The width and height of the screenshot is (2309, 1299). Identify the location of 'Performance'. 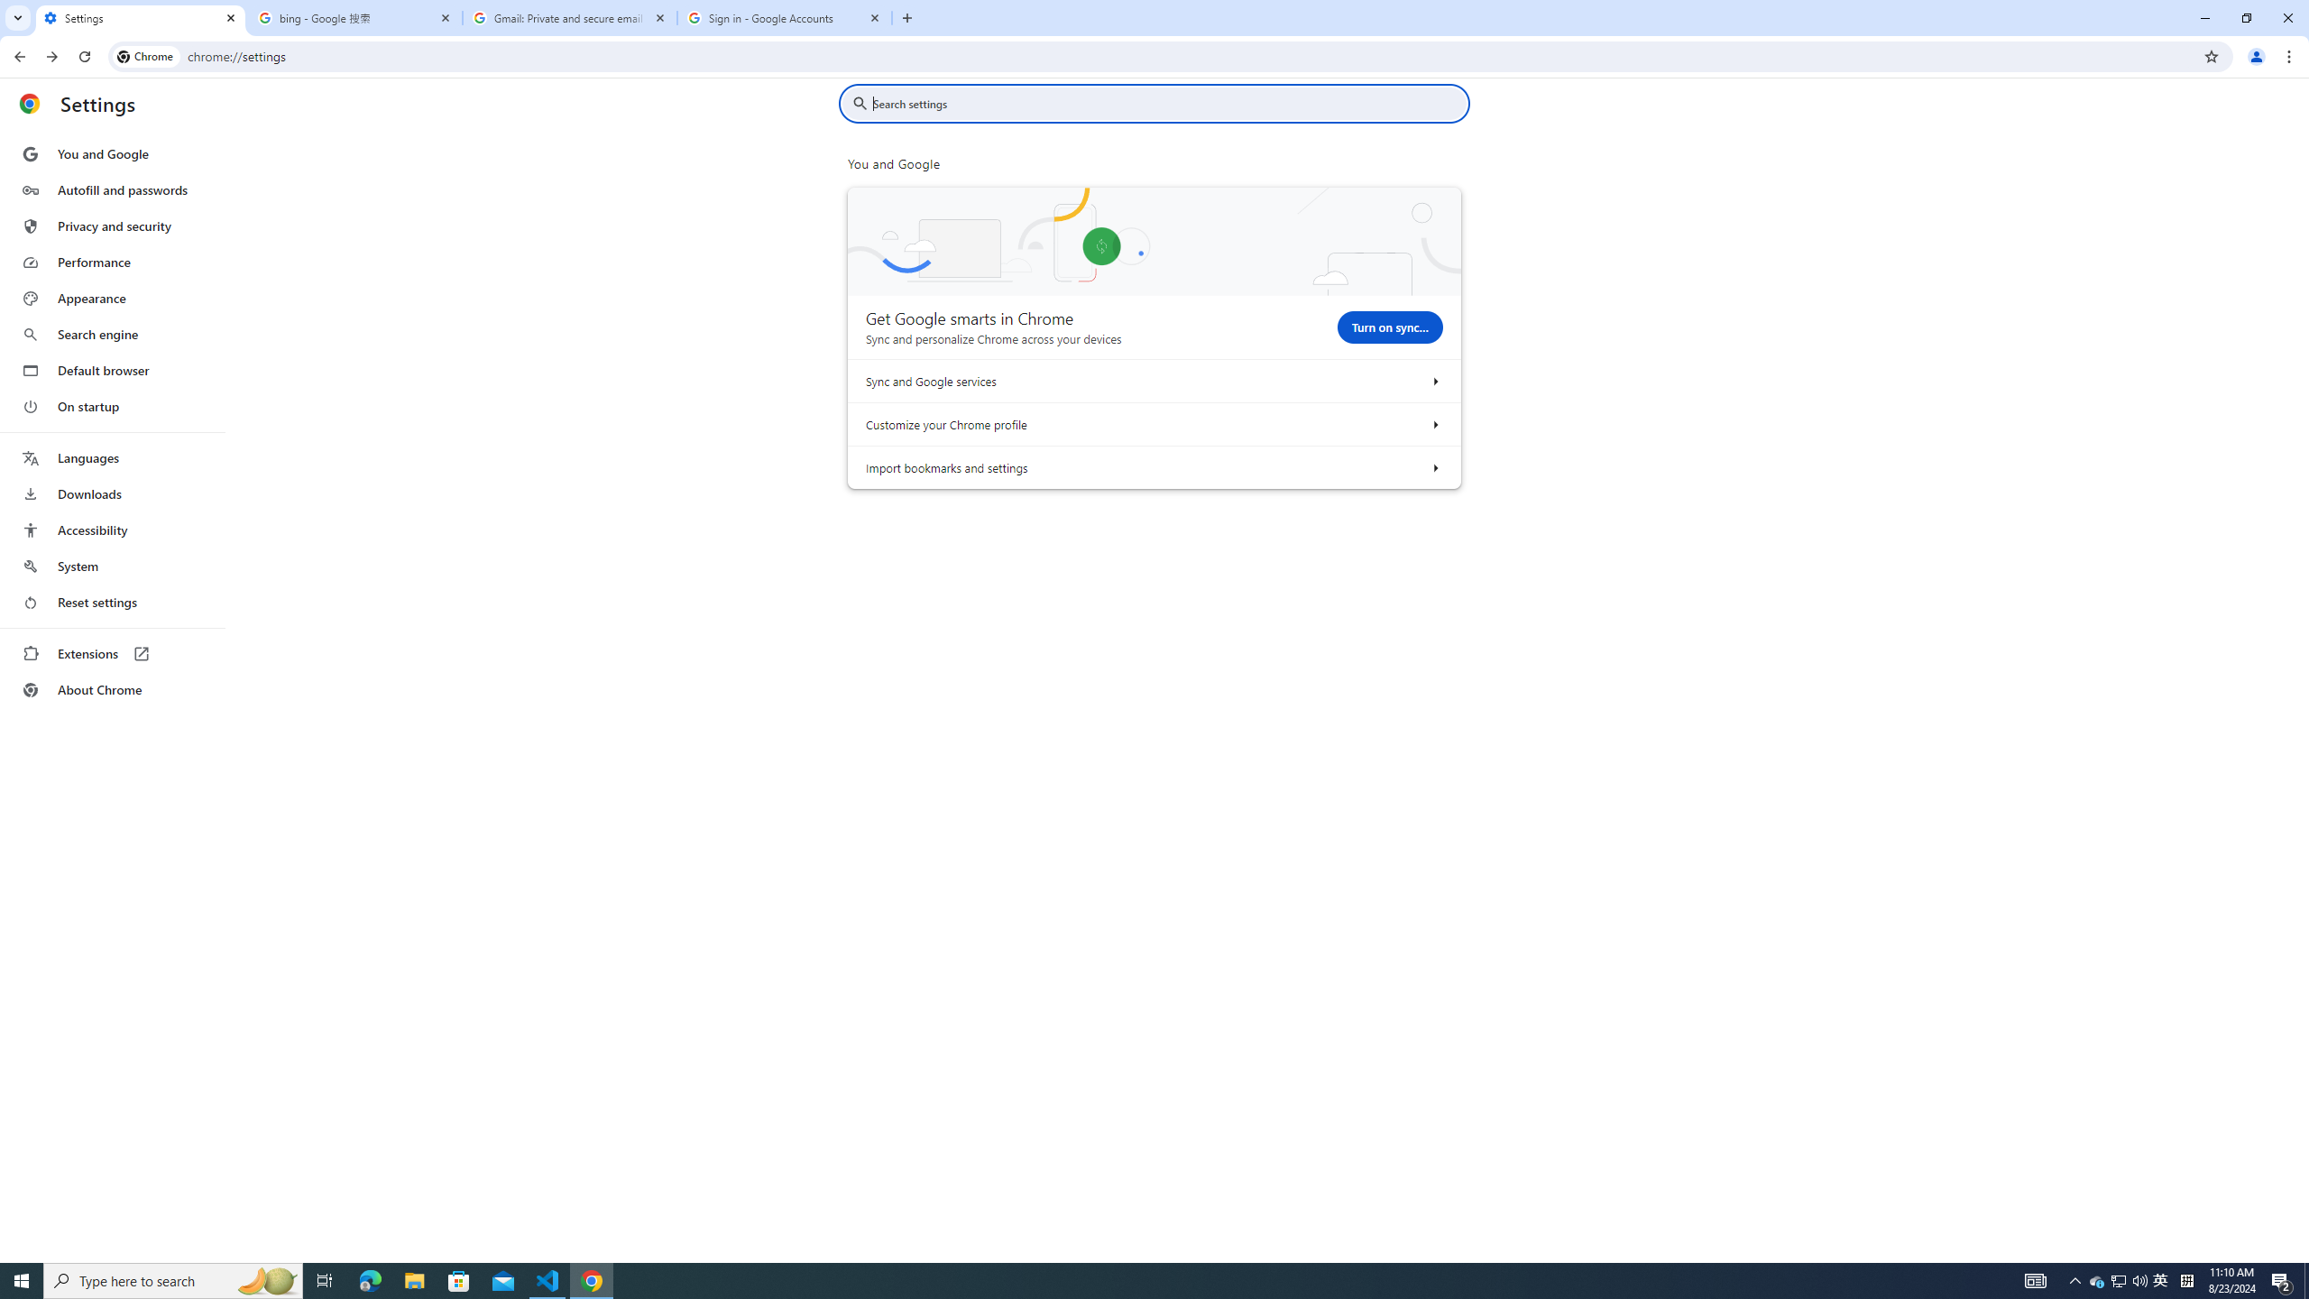
(111, 262).